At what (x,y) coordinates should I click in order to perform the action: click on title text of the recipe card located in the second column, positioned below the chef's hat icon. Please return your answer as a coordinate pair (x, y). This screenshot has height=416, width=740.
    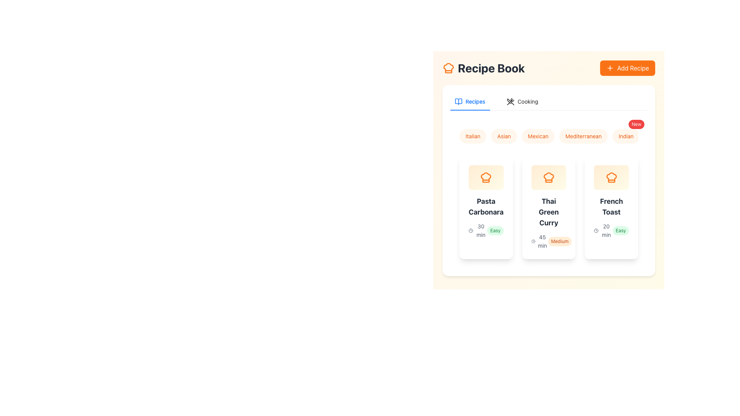
    Looking at the image, I should click on (548, 212).